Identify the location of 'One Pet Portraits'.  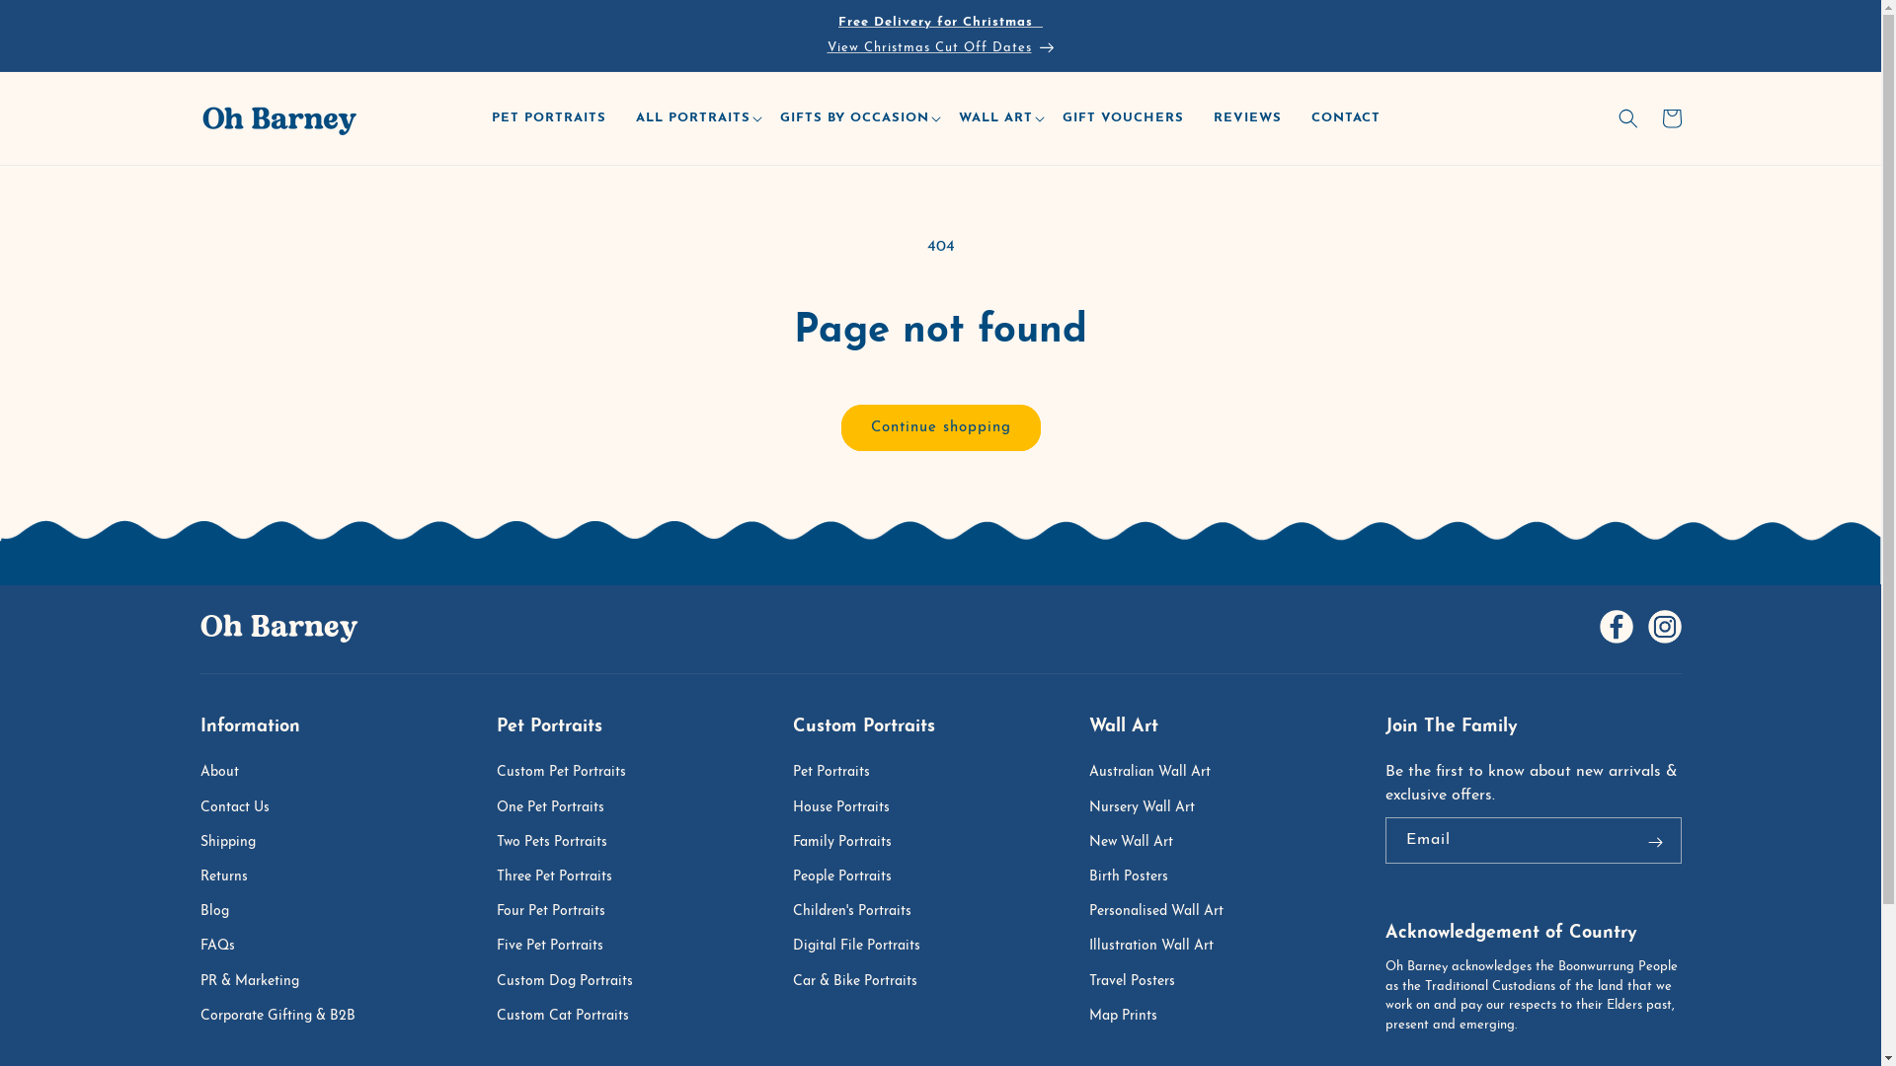
(496, 807).